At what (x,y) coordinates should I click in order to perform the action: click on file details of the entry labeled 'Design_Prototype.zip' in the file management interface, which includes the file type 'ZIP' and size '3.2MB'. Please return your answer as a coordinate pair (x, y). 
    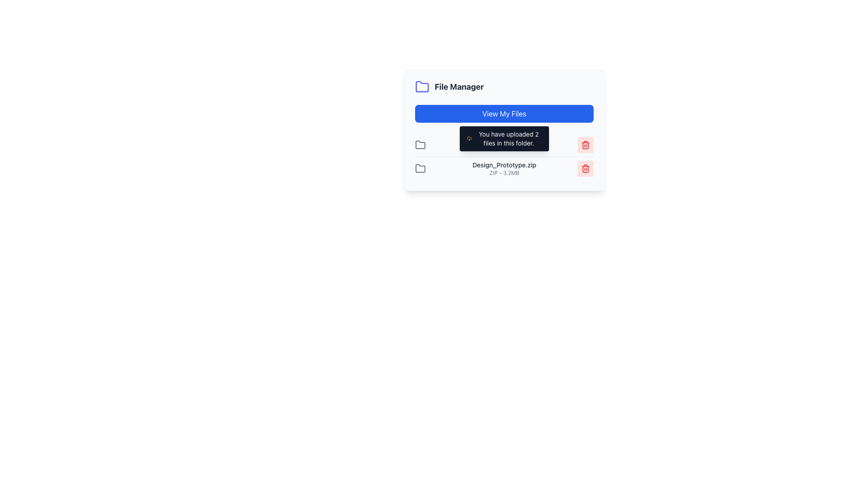
    Looking at the image, I should click on (504, 168).